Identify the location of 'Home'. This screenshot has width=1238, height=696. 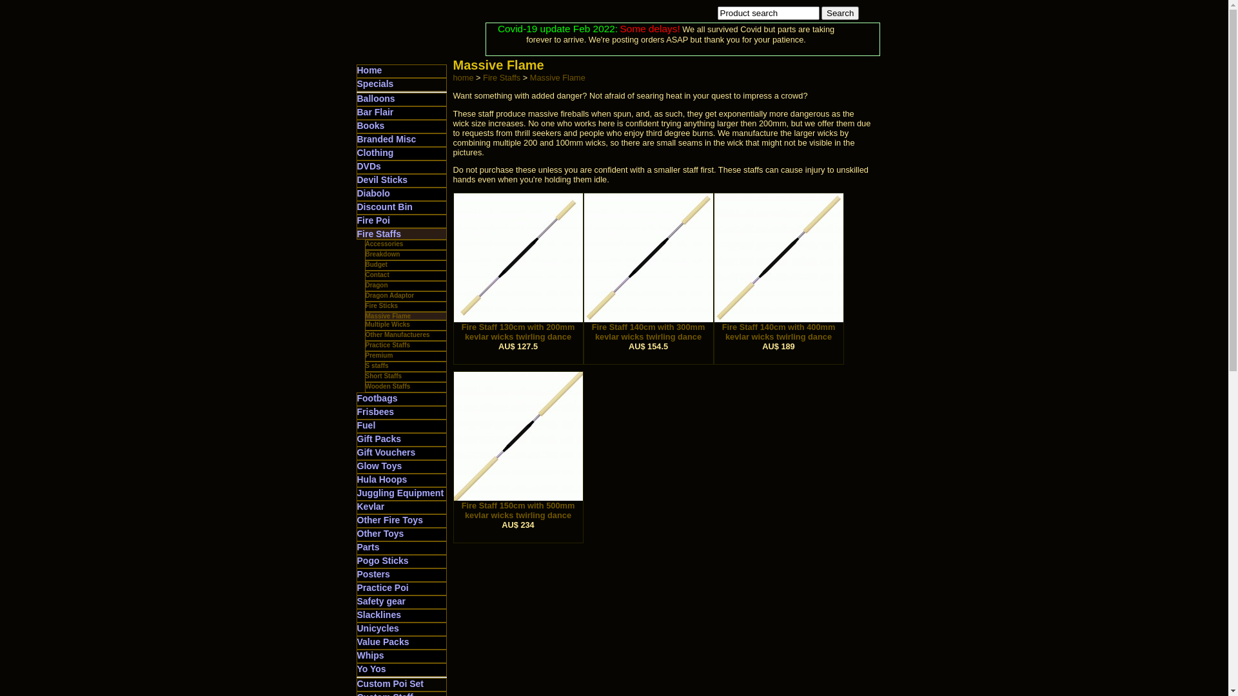
(369, 70).